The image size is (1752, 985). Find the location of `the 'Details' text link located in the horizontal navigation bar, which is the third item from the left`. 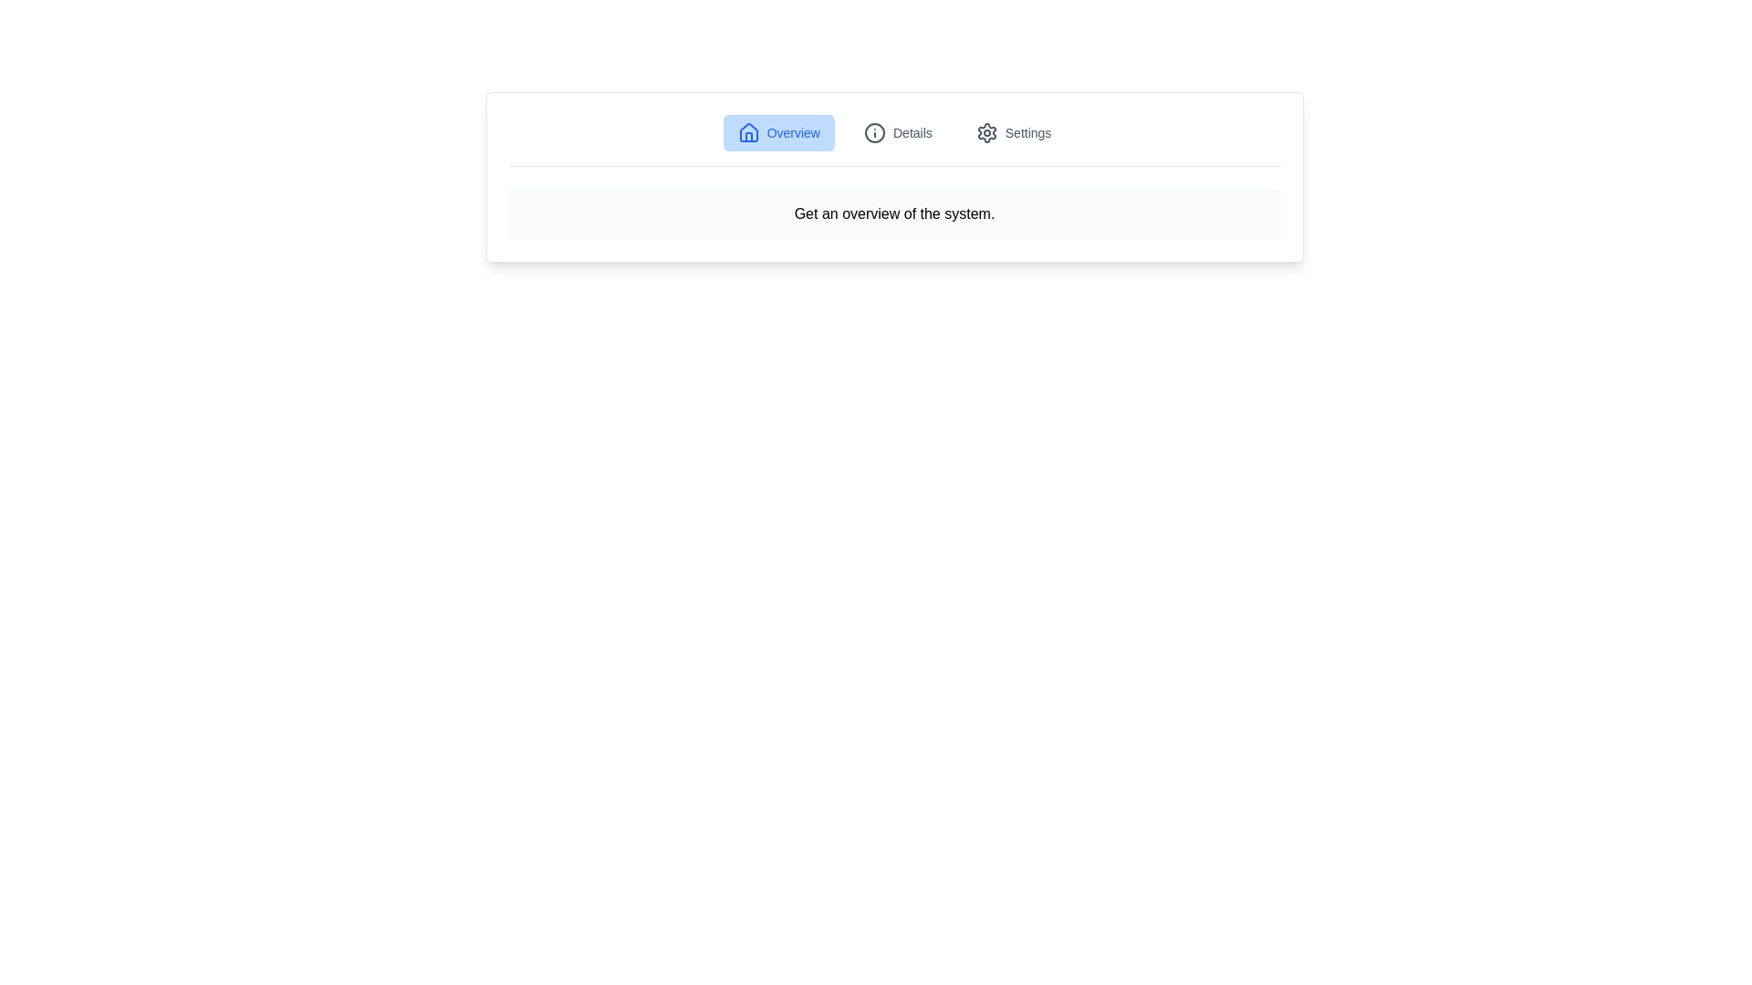

the 'Details' text link located in the horizontal navigation bar, which is the third item from the left is located at coordinates (912, 132).